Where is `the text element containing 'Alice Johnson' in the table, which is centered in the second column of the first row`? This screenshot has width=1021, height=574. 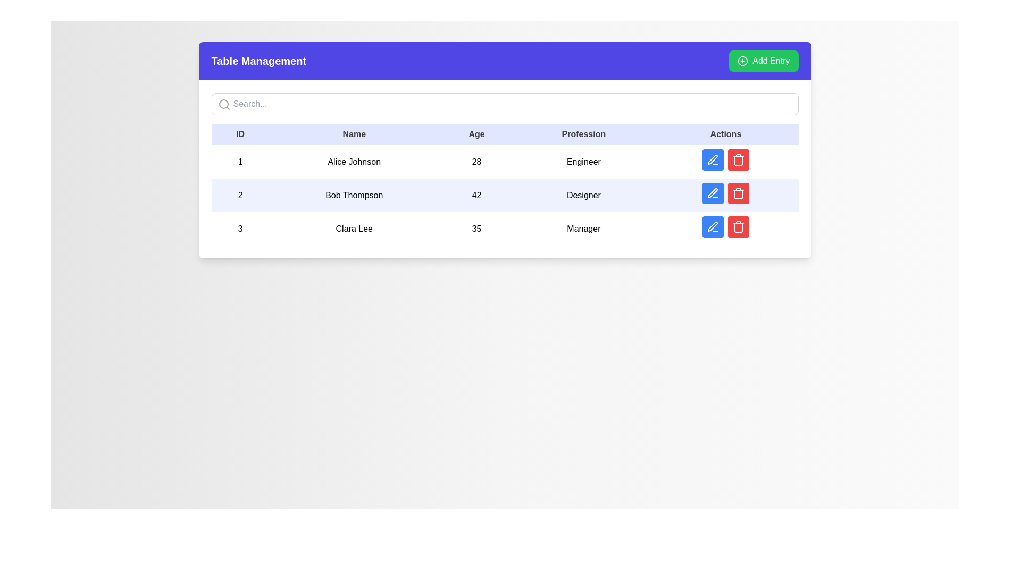 the text element containing 'Alice Johnson' in the table, which is centered in the second column of the first row is located at coordinates (354, 162).